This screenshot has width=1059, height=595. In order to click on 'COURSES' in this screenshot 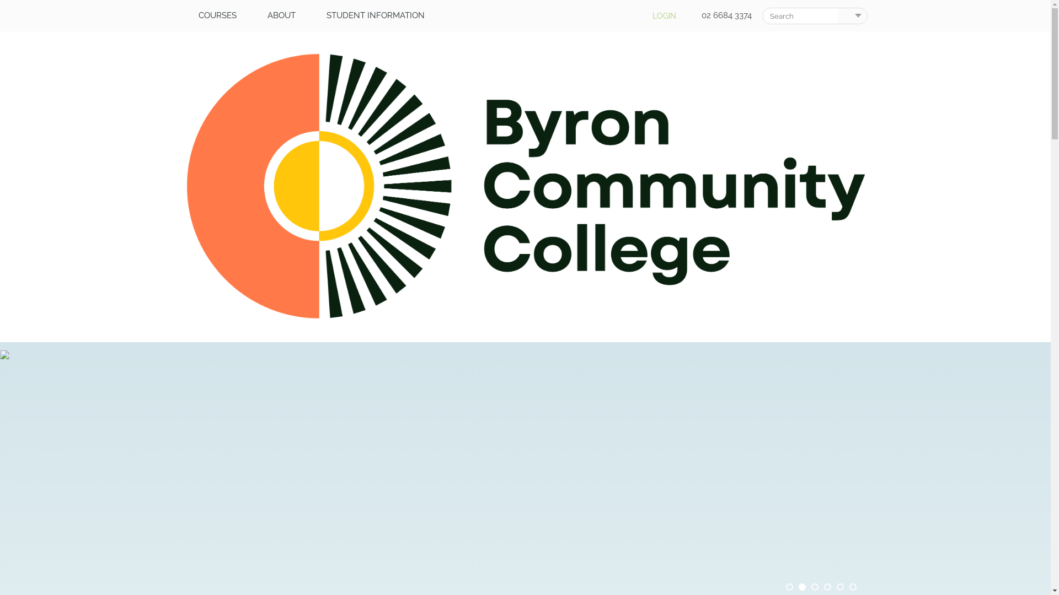, I will do `click(183, 15)`.